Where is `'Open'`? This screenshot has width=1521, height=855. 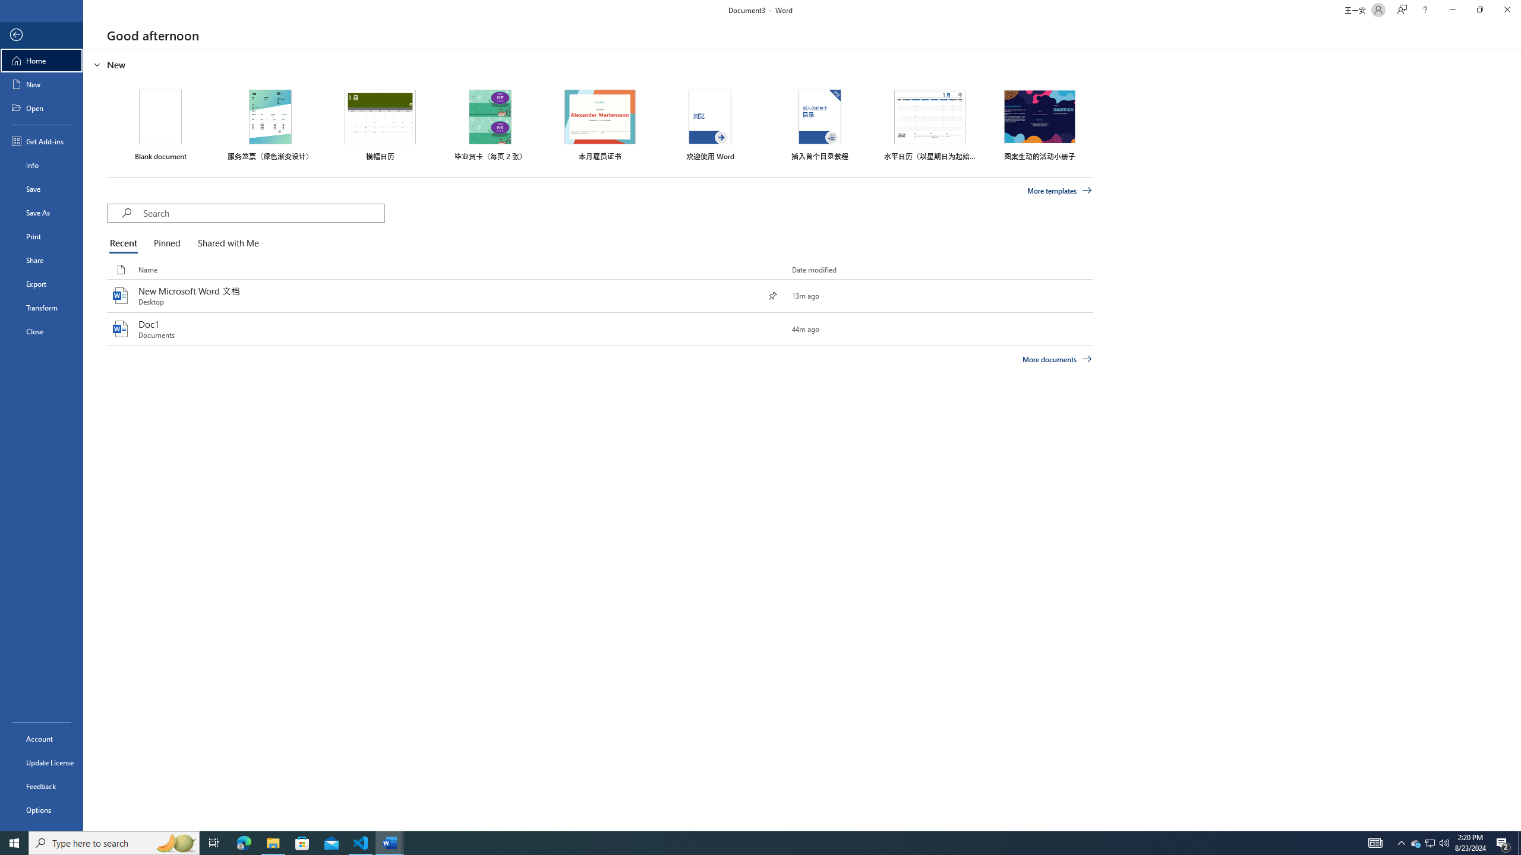
'Open' is located at coordinates (41, 107).